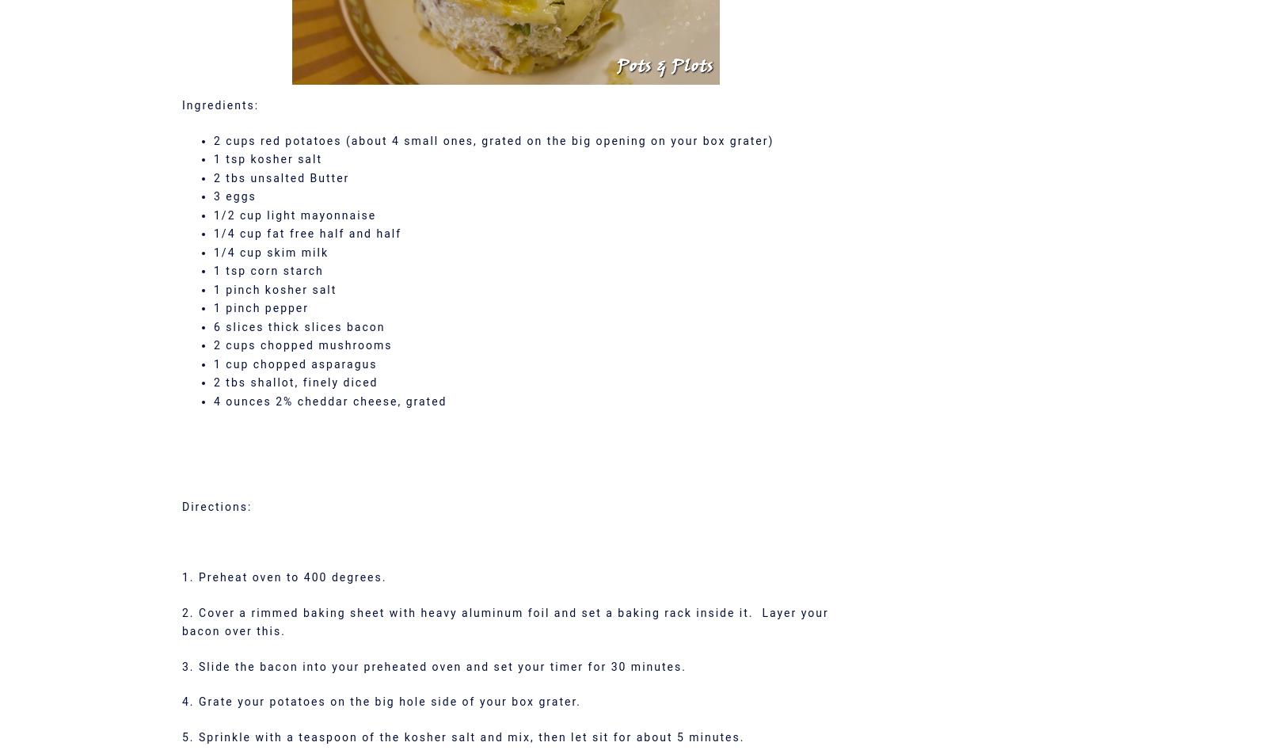 Image resolution: width=1267 pixels, height=750 pixels. I want to click on 'Google Play', so click(633, 495).